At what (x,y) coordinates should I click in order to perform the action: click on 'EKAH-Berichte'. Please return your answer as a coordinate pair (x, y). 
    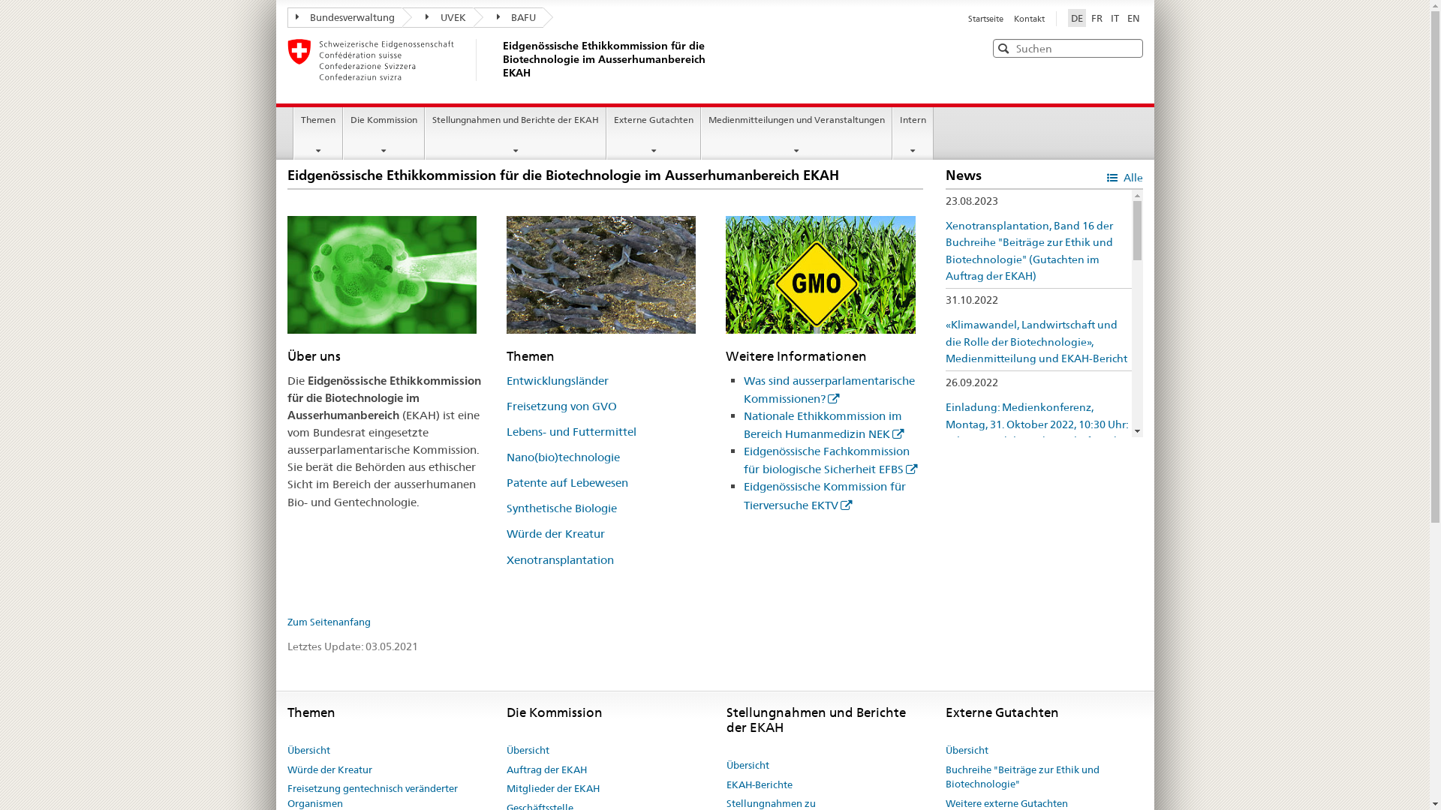
    Looking at the image, I should click on (760, 784).